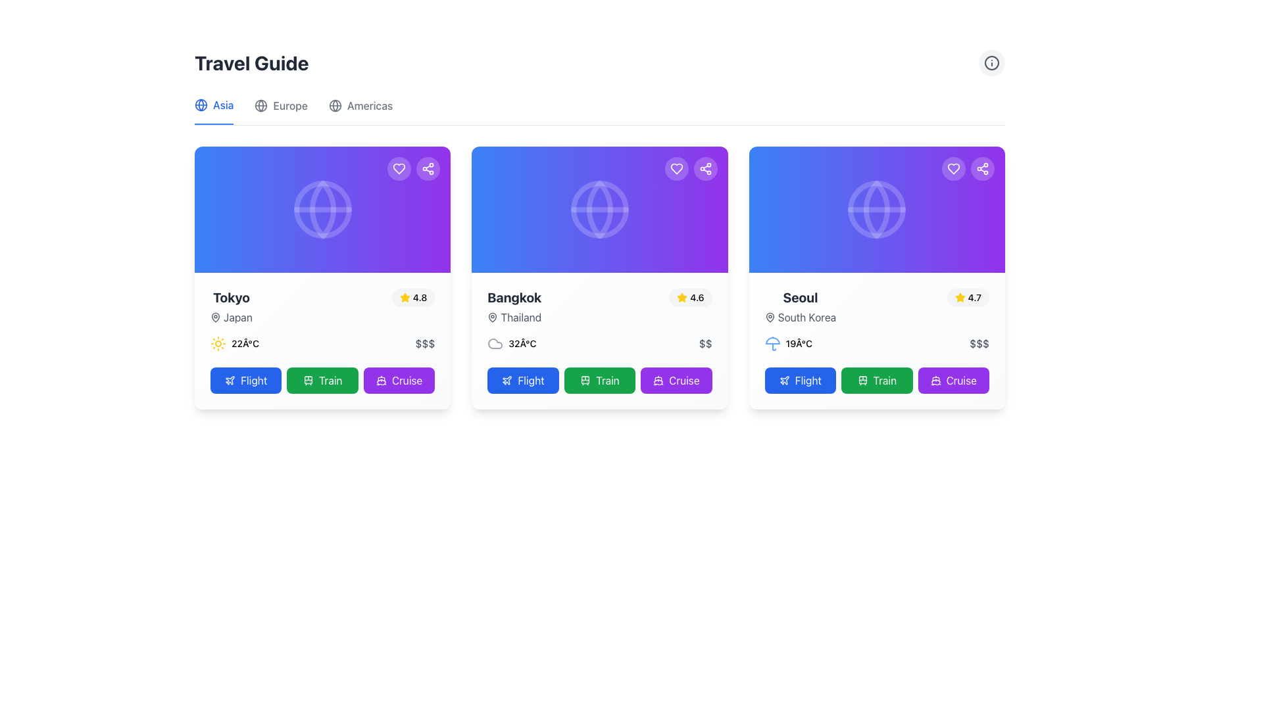 The width and height of the screenshot is (1263, 710). Describe the element at coordinates (492, 317) in the screenshot. I see `the geographical location icon representing 'Thailand', which is located directly to the left of the text within the Bangkok travel card` at that location.